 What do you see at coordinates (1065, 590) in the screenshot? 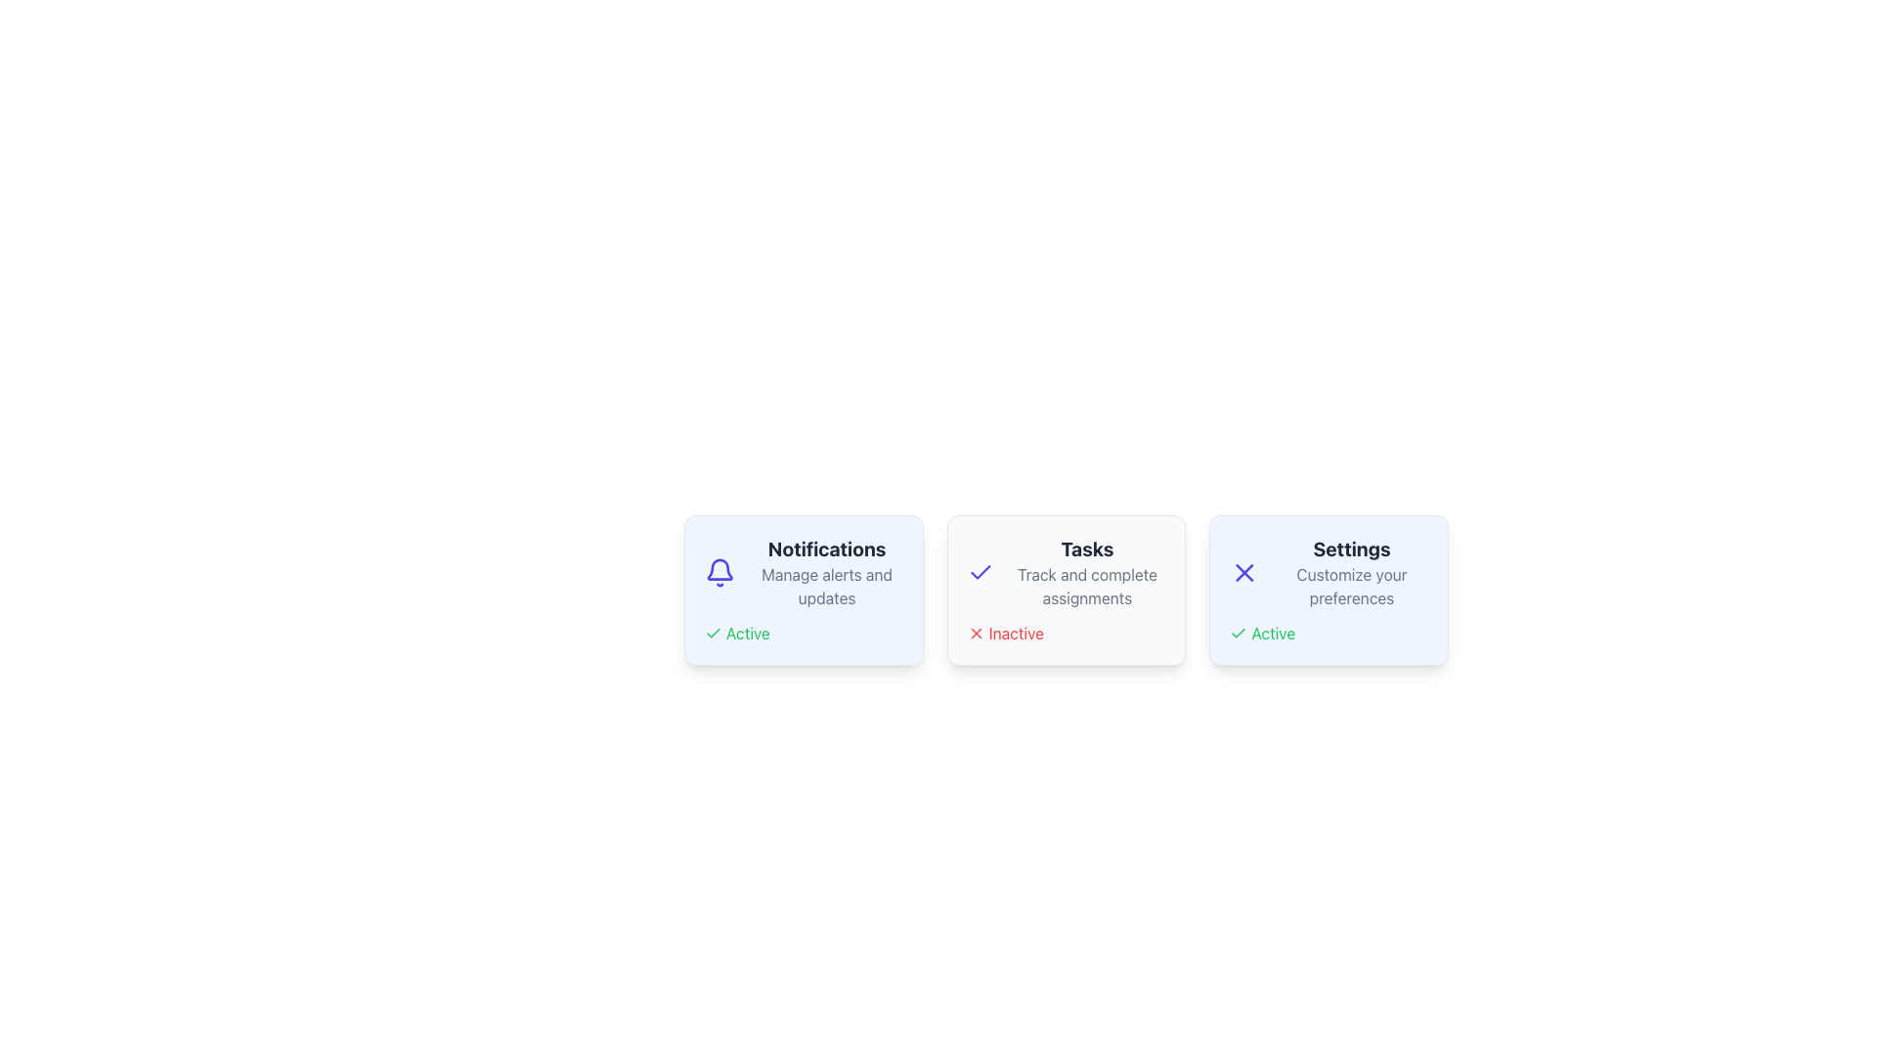
I see `the Informational Card titled 'Tasks', which has a white background and contains the subtitle 'Track and complete assignments', with 'Inactive' displayed in red below the title` at bounding box center [1065, 590].